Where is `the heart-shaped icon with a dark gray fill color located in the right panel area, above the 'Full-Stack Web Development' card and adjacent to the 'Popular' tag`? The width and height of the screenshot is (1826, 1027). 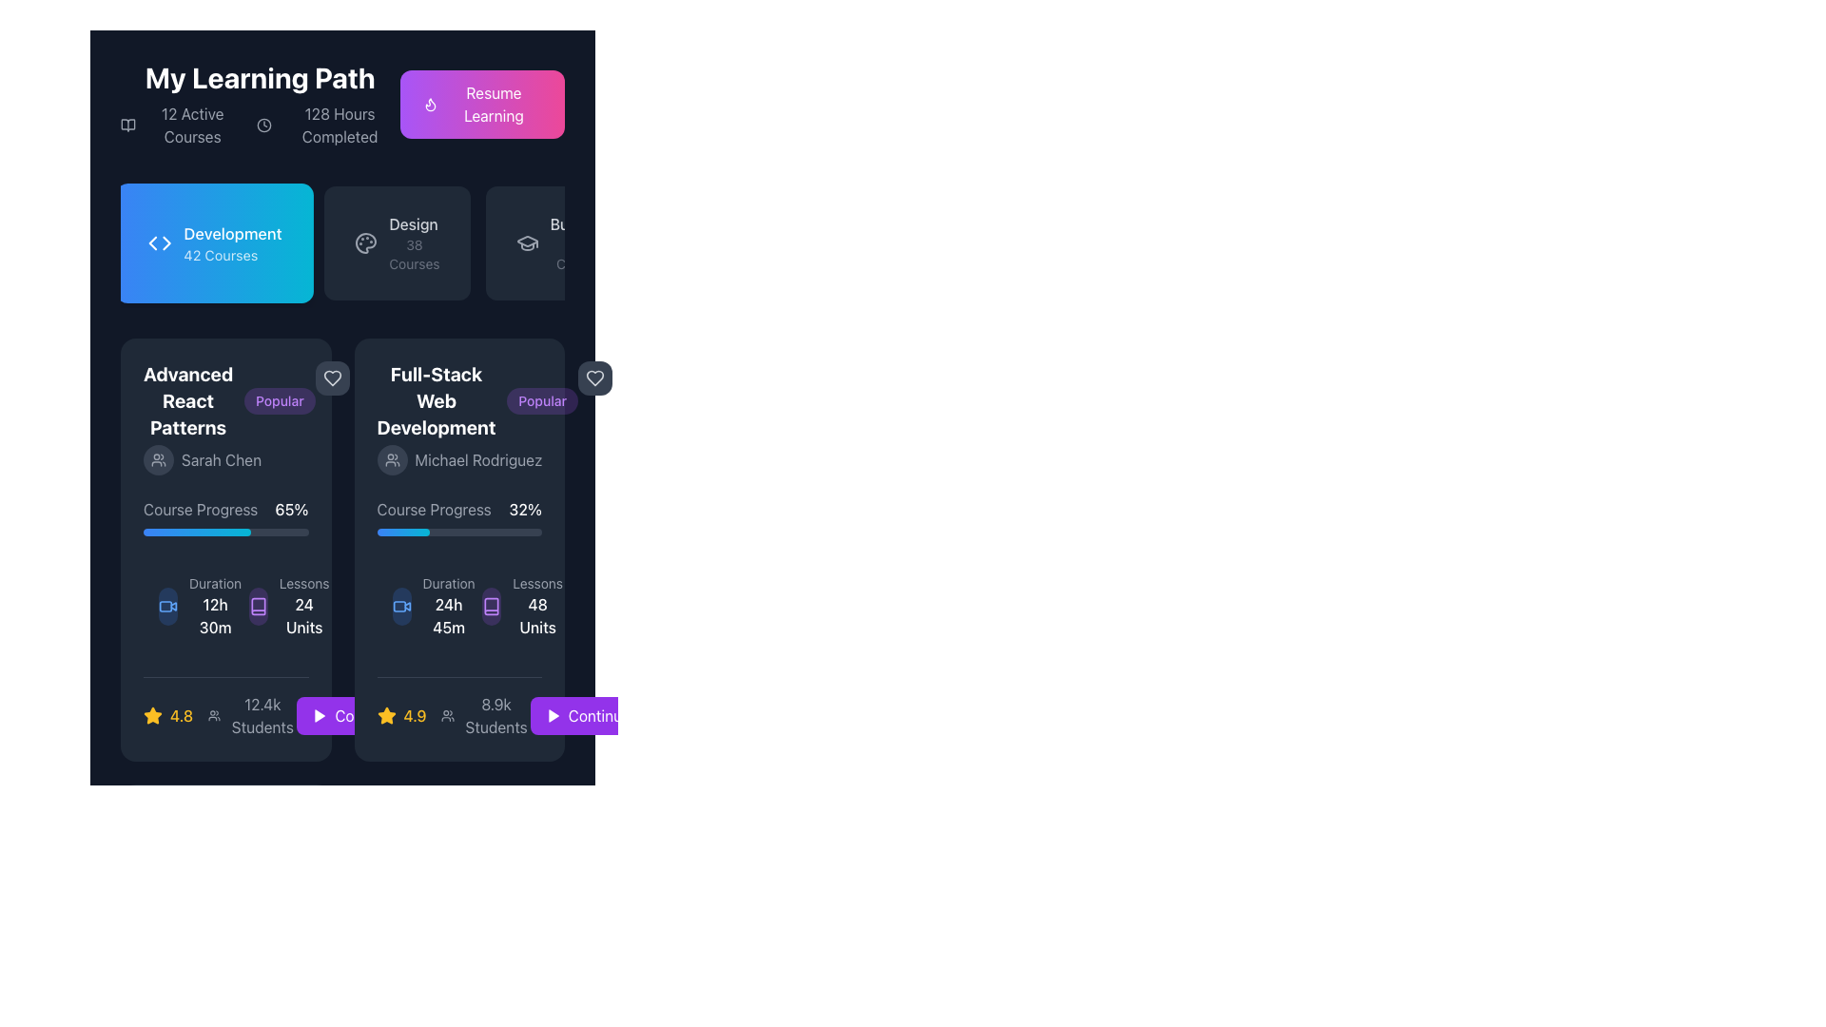
the heart-shaped icon with a dark gray fill color located in the right panel area, above the 'Full-Stack Web Development' card and adjacent to the 'Popular' tag is located at coordinates (593, 378).